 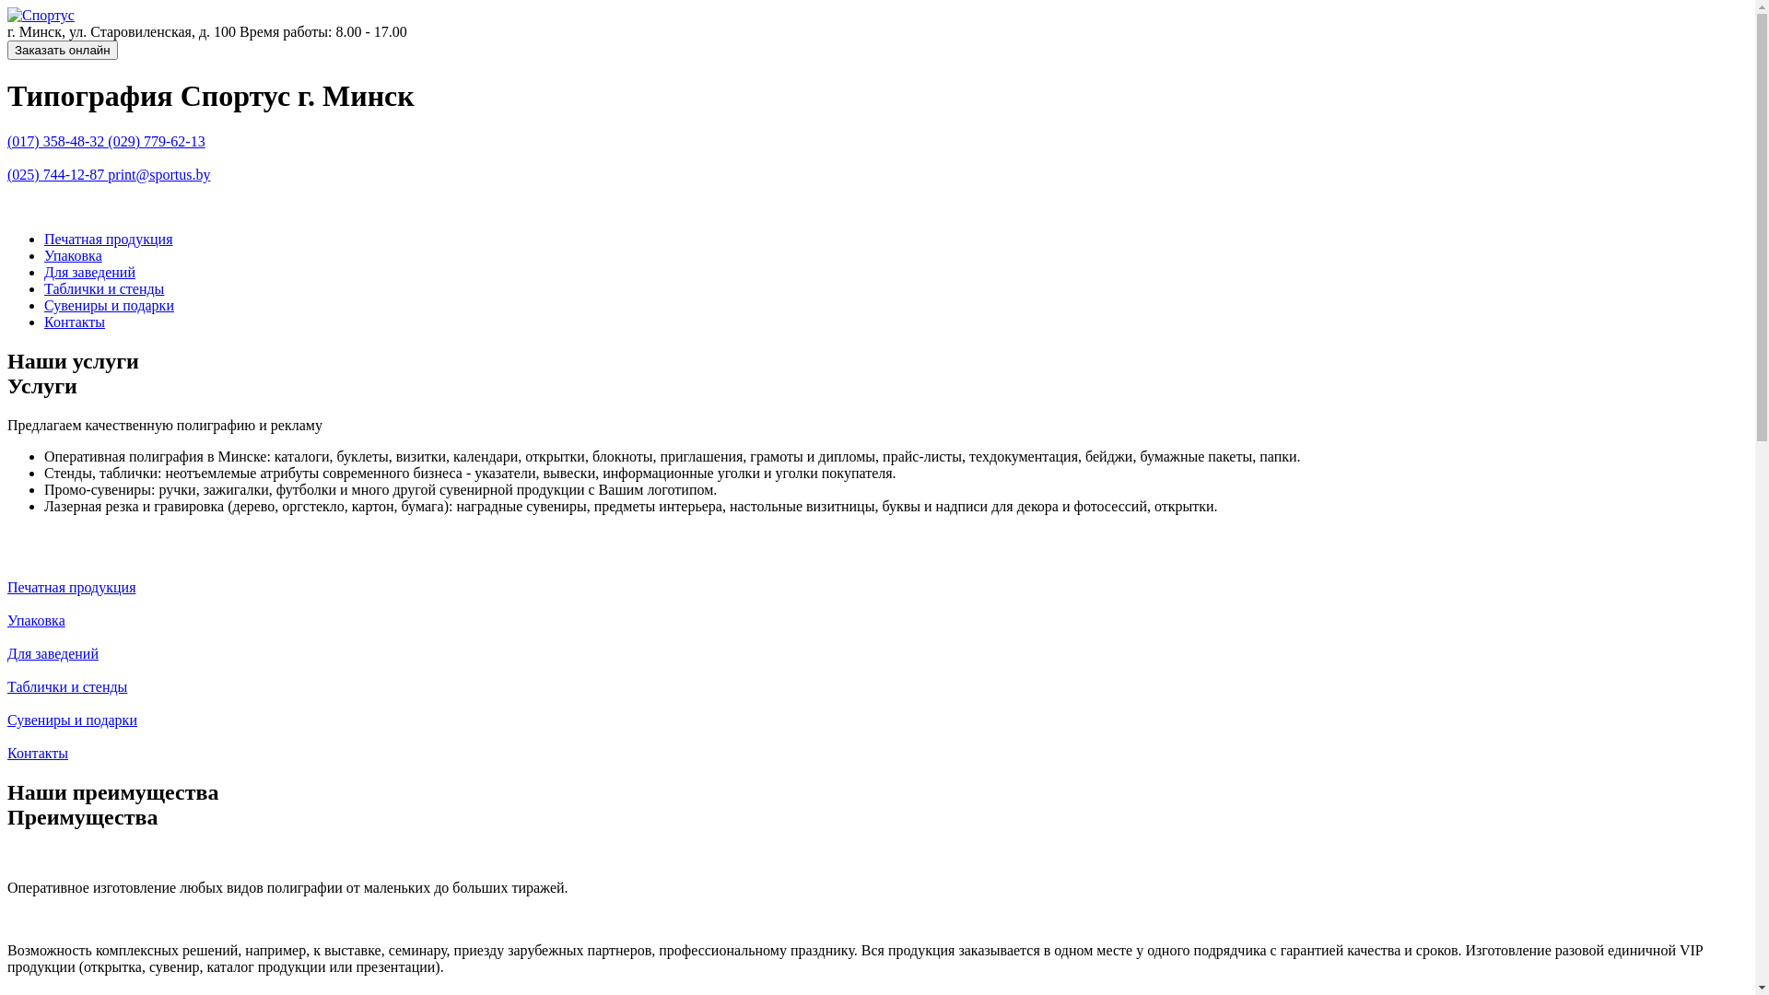 I want to click on 'print@sportus.by', so click(x=106, y=174).